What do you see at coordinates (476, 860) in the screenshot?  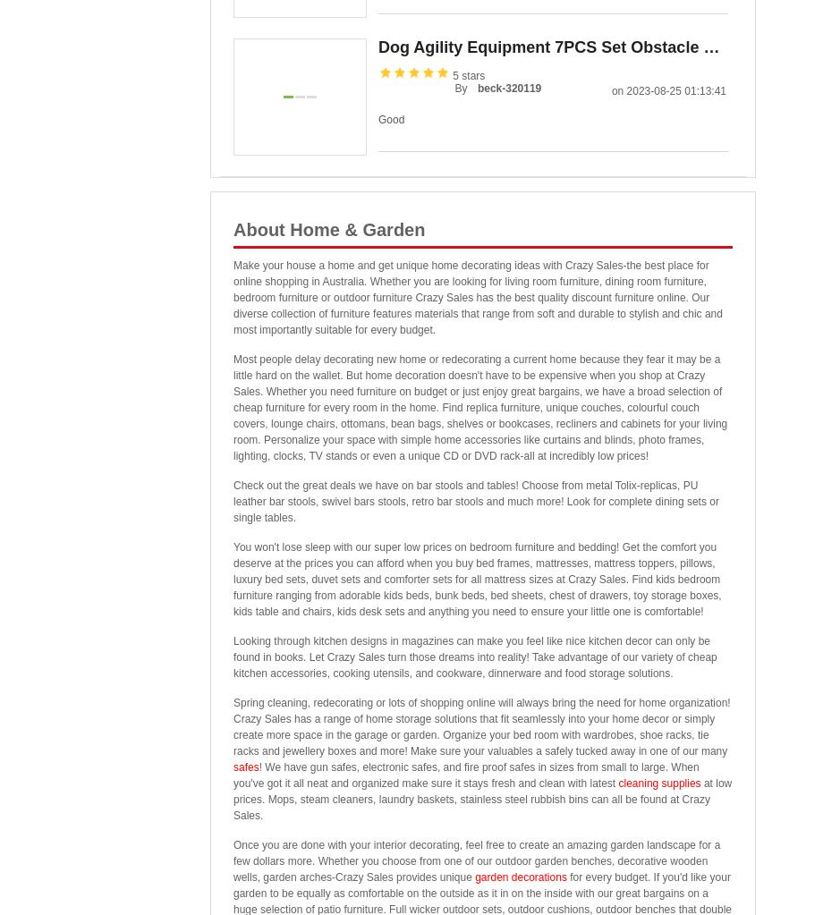 I see `'Once you are done with your interior decorating, feel free to create an amazing garden landscape for a few dollars more. Whether you choose from one of our outdoor garden benches, decorative wooden wells, garden arches-Crazy Sales provides unique'` at bounding box center [476, 860].